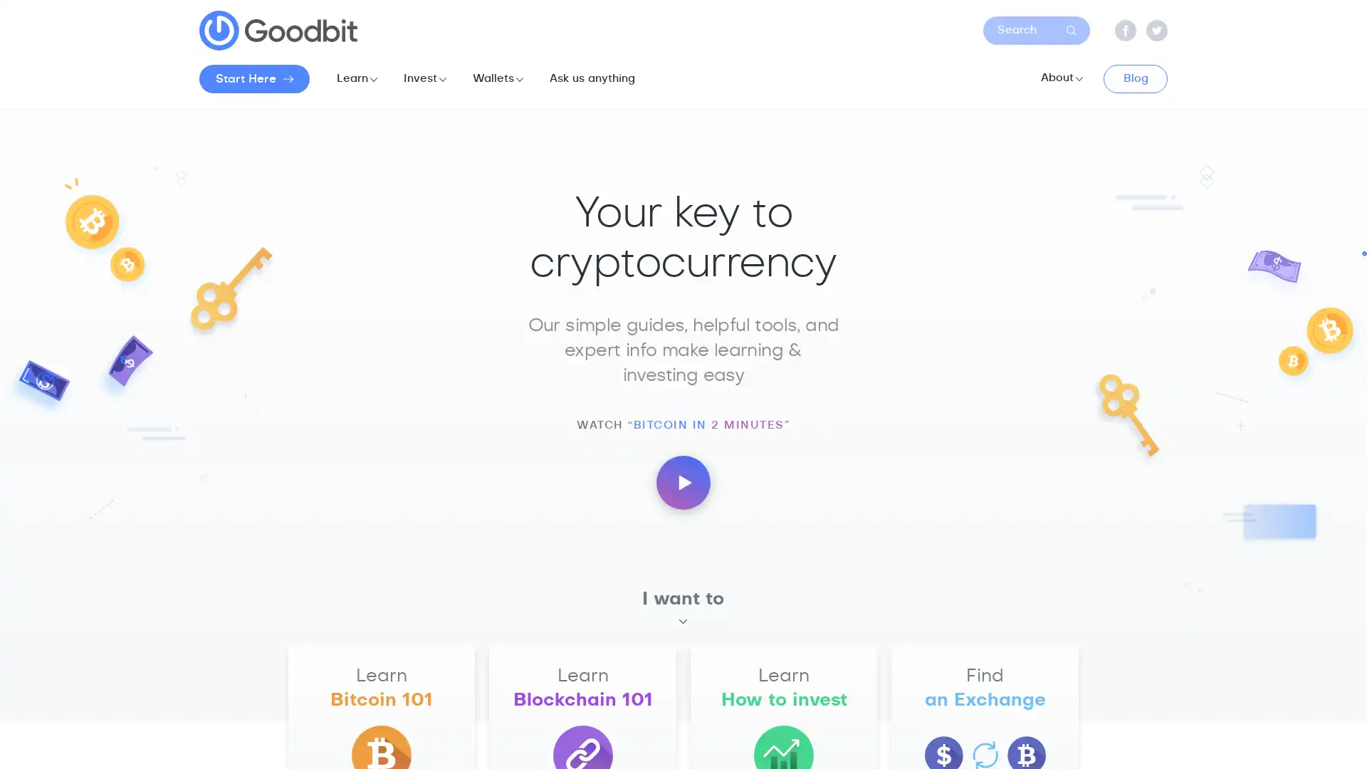  What do you see at coordinates (421, 78) in the screenshot?
I see `Invest` at bounding box center [421, 78].